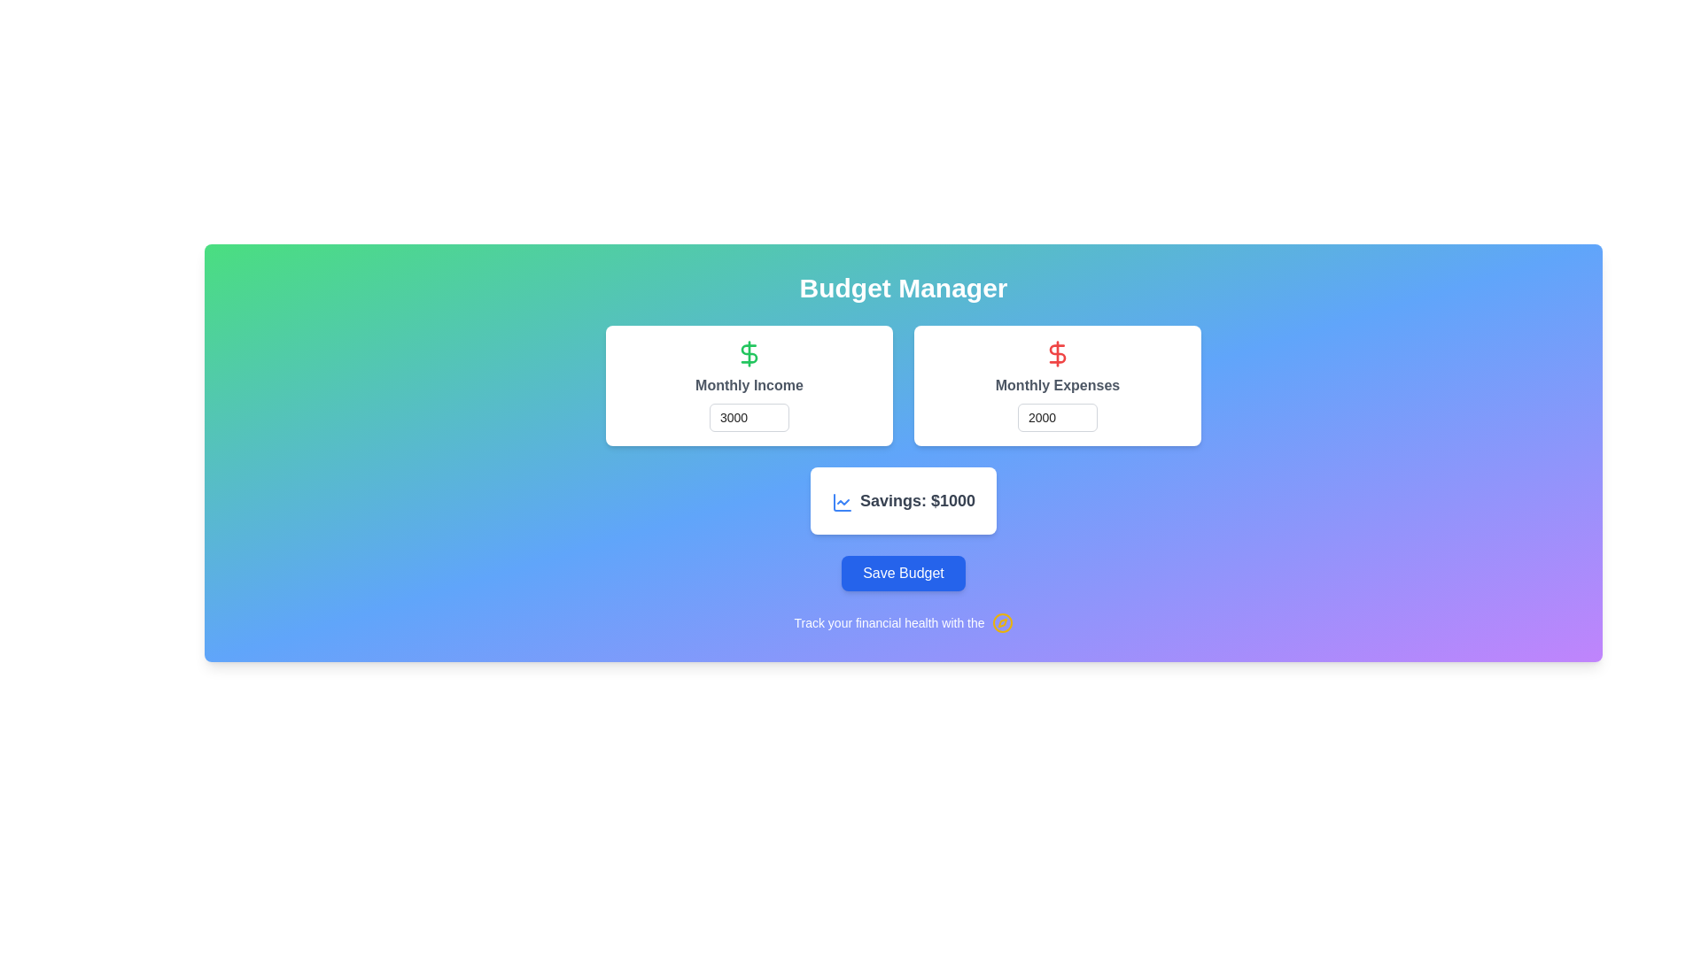 The width and height of the screenshot is (1701, 956). I want to click on the blue line chart icon located to the left of the text 'Savings: $1000' within the white rectangular card, so click(841, 502).